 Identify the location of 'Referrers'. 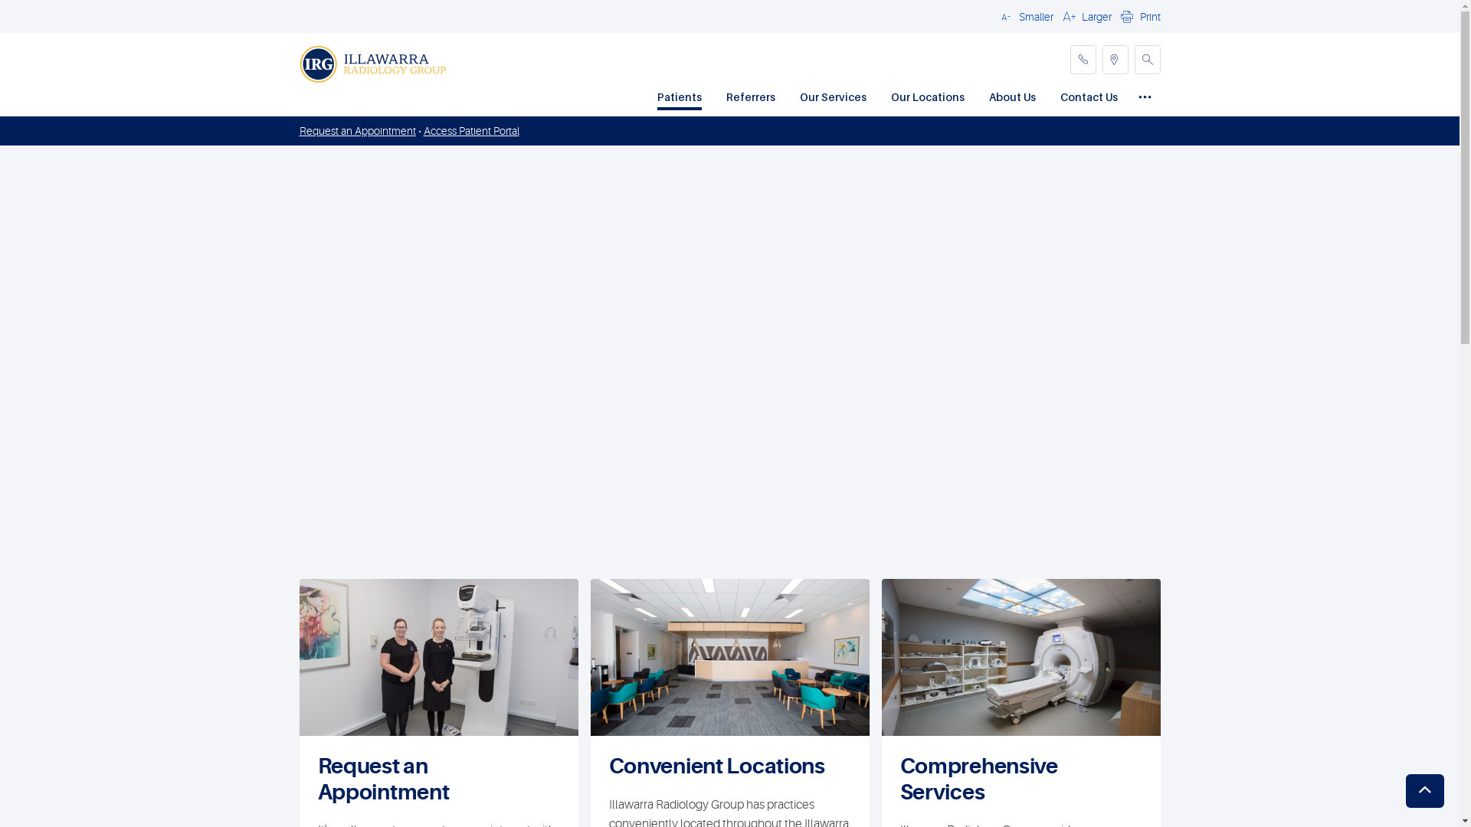
(750, 98).